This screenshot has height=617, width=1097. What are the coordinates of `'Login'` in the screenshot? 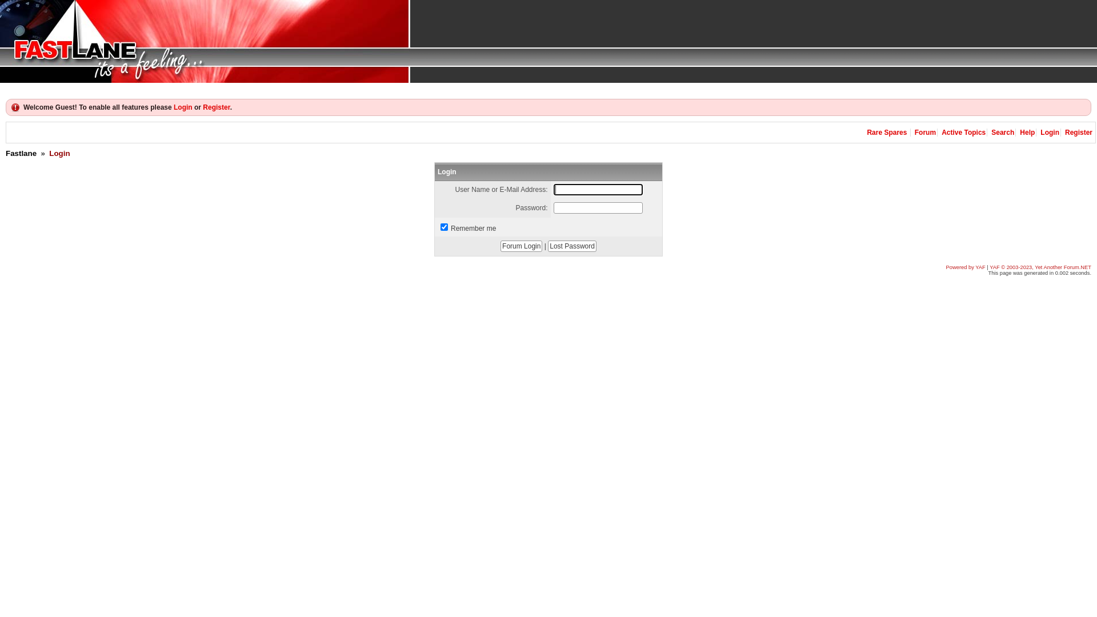 It's located at (183, 107).